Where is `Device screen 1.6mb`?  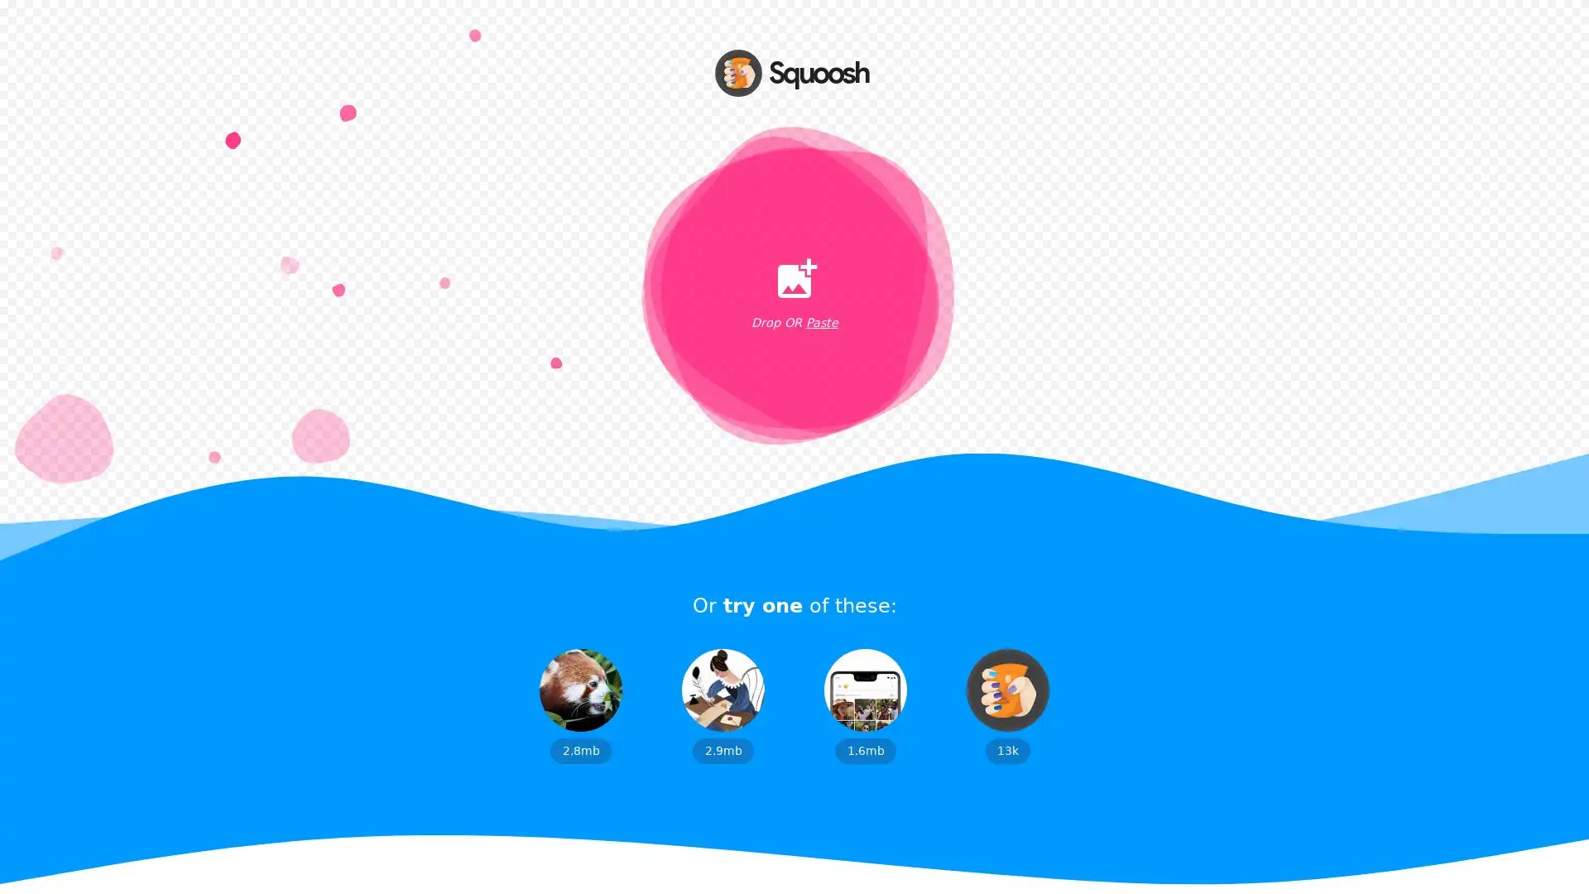 Device screen 1.6mb is located at coordinates (865, 705).